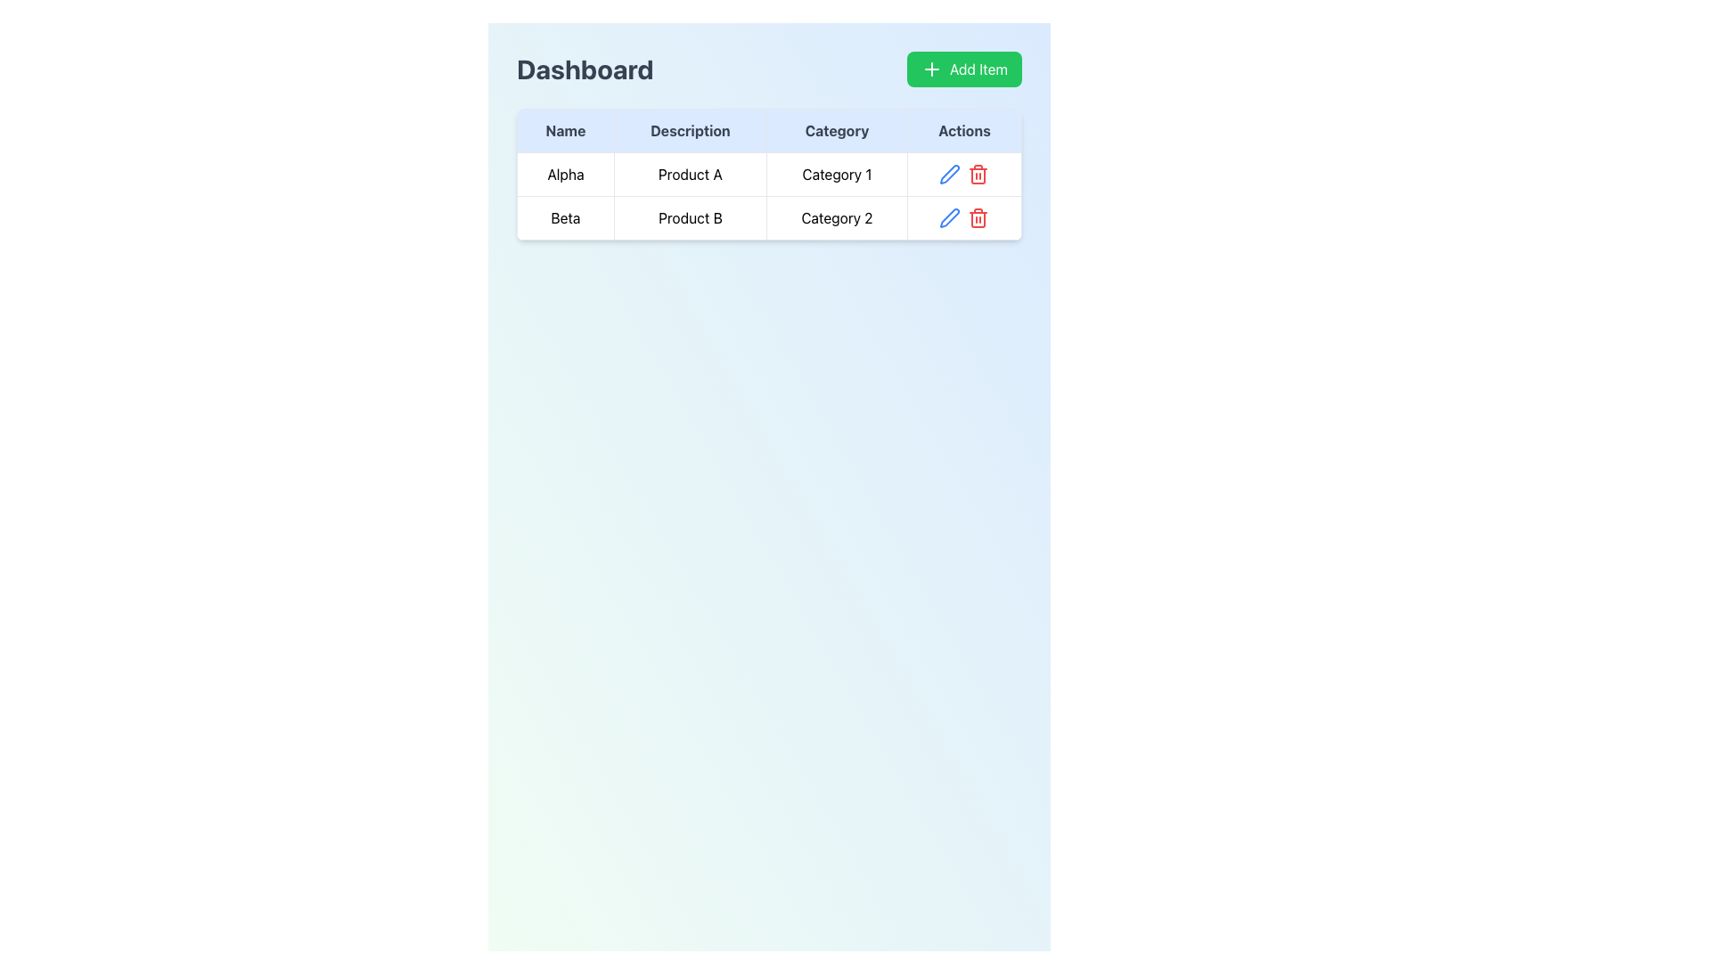 This screenshot has height=962, width=1711. What do you see at coordinates (949, 175) in the screenshot?
I see `the icon button for editing located in the 'Actions' column of the second row in the displayed table` at bounding box center [949, 175].